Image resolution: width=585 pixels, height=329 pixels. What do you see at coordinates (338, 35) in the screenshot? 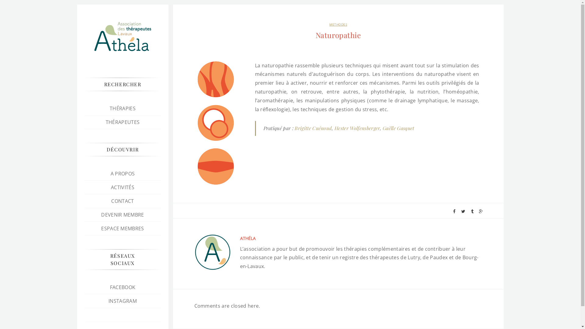
I see `'Naturopathie'` at bounding box center [338, 35].